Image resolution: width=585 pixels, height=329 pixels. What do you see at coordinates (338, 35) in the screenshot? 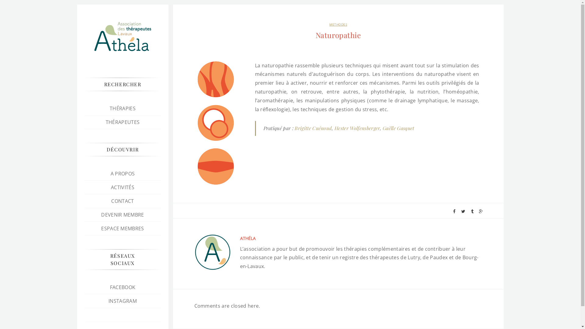
I see `'Naturopathie'` at bounding box center [338, 35].